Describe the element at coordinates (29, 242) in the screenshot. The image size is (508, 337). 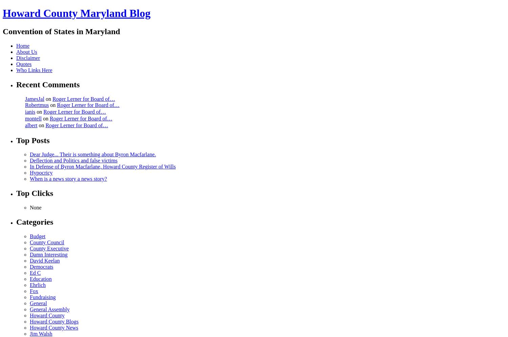
I see `'County Council'` at that location.